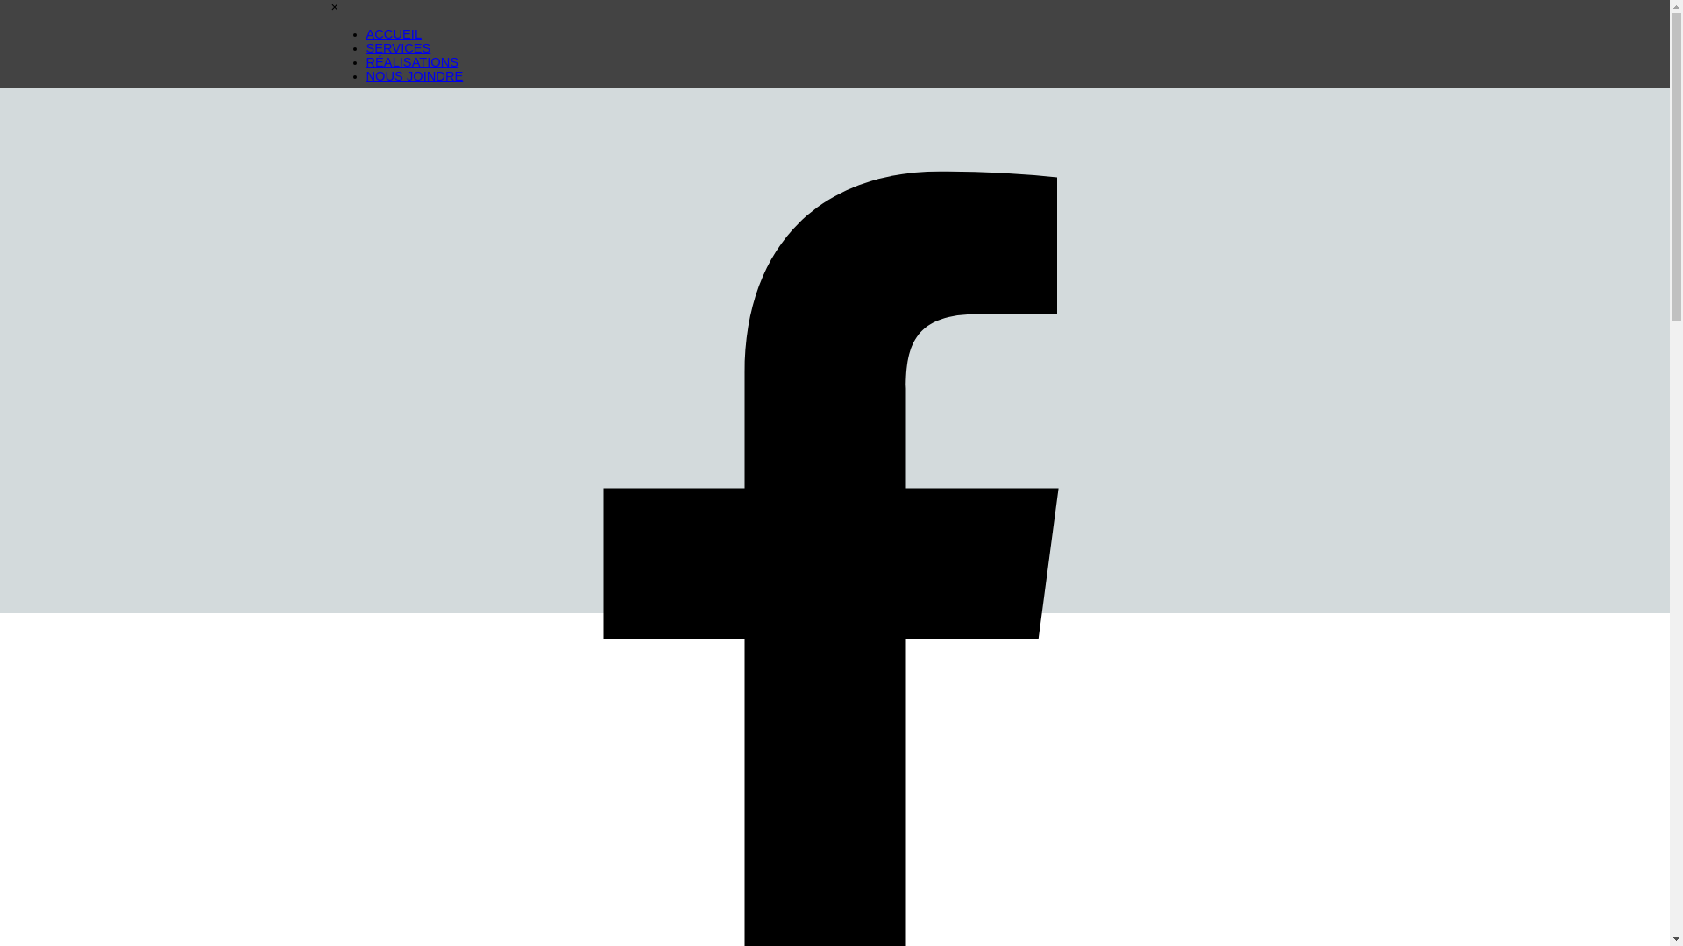  Describe the element at coordinates (365, 33) in the screenshot. I see `'ACCUEIL'` at that location.